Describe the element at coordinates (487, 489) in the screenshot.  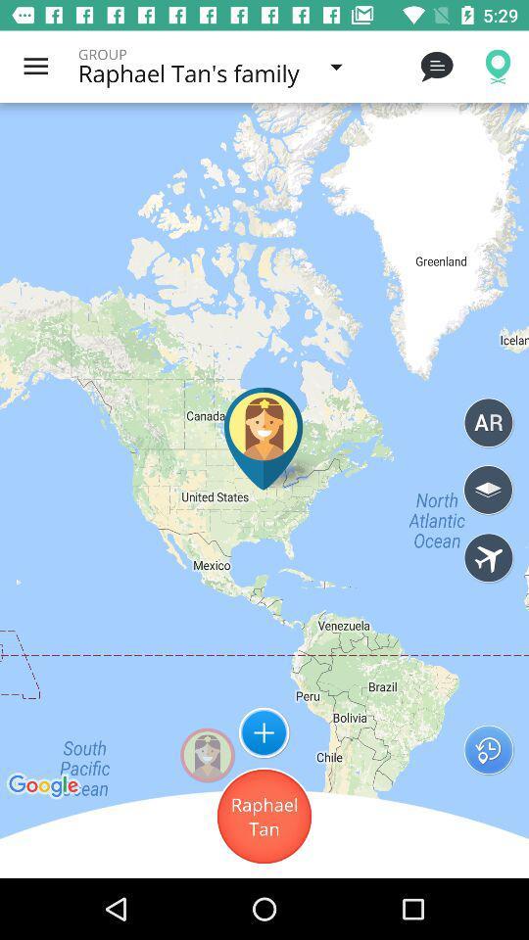
I see `3d view` at that location.